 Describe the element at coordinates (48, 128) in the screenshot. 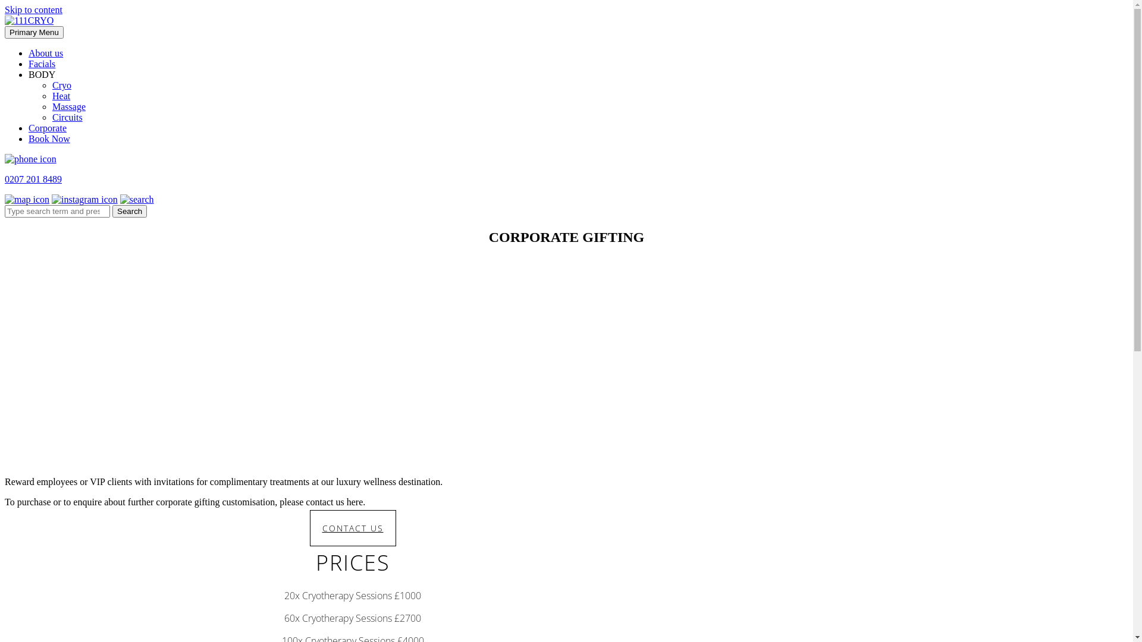

I see `'Corporate'` at that location.